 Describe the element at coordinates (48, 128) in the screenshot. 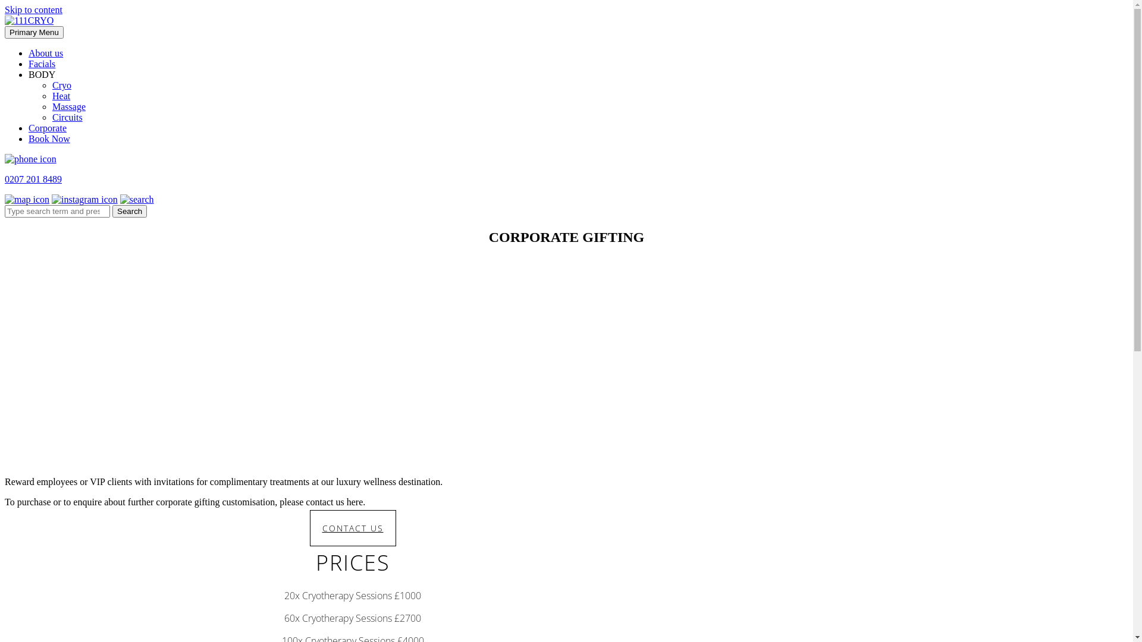

I see `'Corporate'` at that location.